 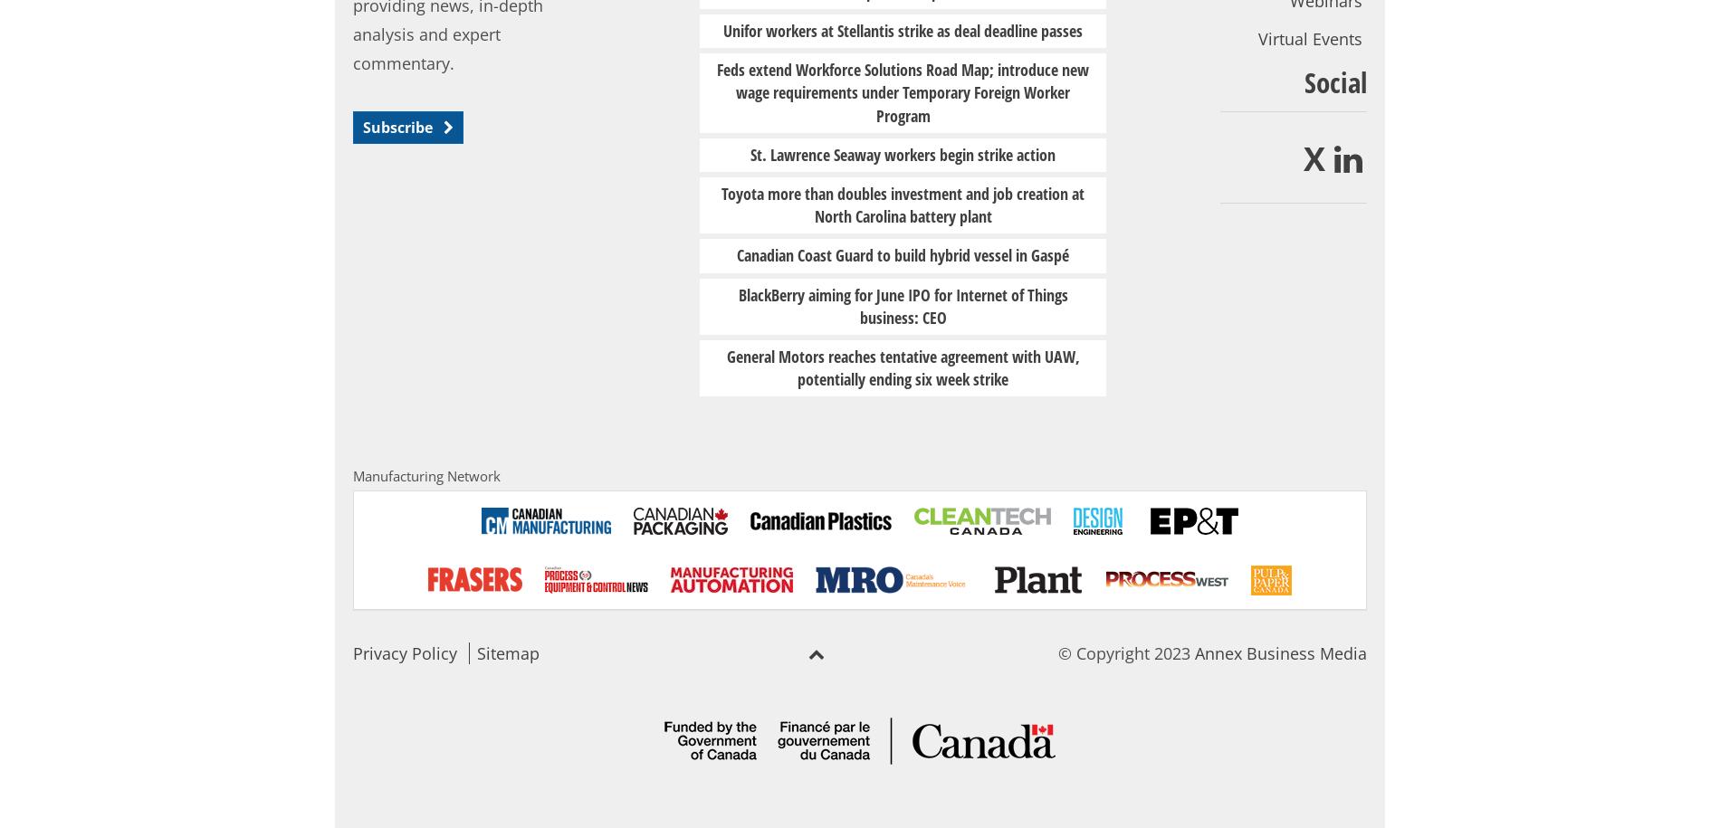 What do you see at coordinates (1314, 157) in the screenshot?
I see `'X'` at bounding box center [1314, 157].